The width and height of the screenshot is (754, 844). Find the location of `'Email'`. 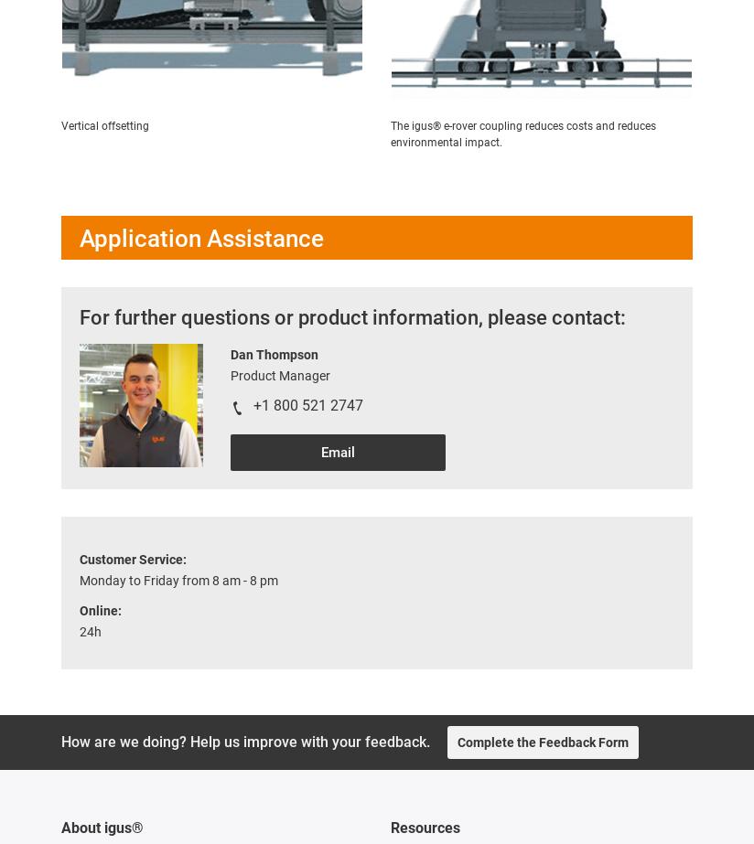

'Email' is located at coordinates (337, 452).